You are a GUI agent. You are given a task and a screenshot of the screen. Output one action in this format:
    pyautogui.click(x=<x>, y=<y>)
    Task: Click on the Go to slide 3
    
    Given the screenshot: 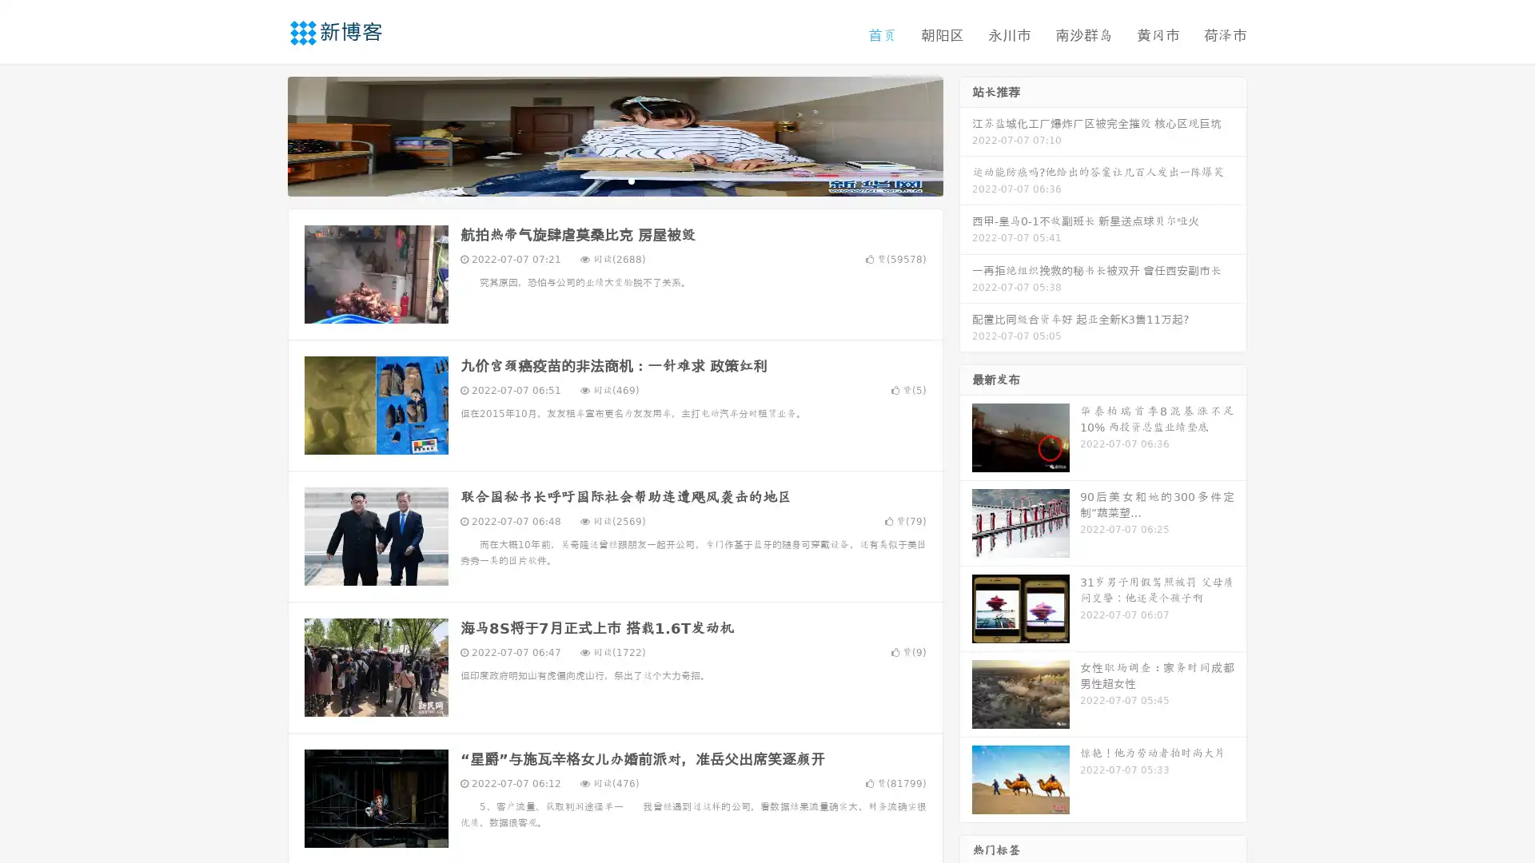 What is the action you would take?
    pyautogui.click(x=631, y=180)
    